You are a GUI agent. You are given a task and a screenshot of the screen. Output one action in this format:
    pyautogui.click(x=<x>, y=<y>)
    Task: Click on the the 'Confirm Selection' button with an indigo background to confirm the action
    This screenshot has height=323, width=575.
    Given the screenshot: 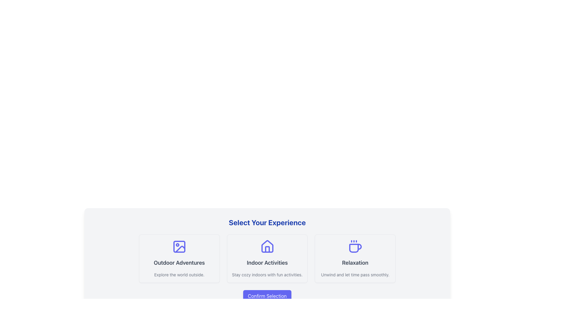 What is the action you would take?
    pyautogui.click(x=267, y=296)
    